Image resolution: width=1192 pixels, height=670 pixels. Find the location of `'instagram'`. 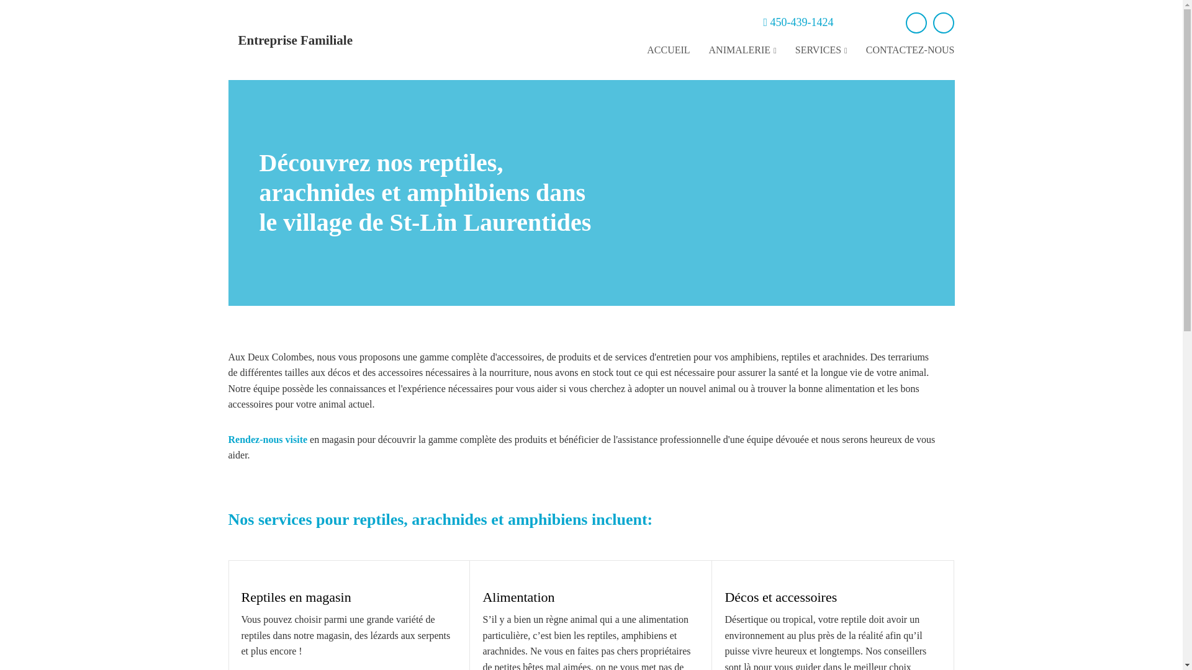

'instagram' is located at coordinates (934, 23).